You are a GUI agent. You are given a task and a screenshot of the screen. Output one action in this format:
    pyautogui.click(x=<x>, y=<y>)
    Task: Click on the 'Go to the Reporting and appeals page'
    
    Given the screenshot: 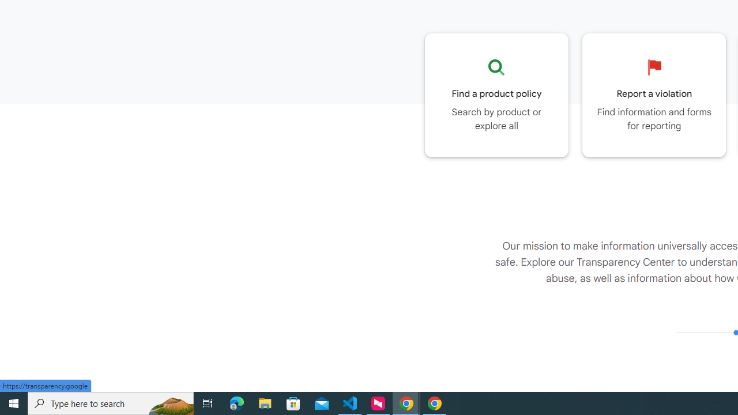 What is the action you would take?
    pyautogui.click(x=654, y=95)
    